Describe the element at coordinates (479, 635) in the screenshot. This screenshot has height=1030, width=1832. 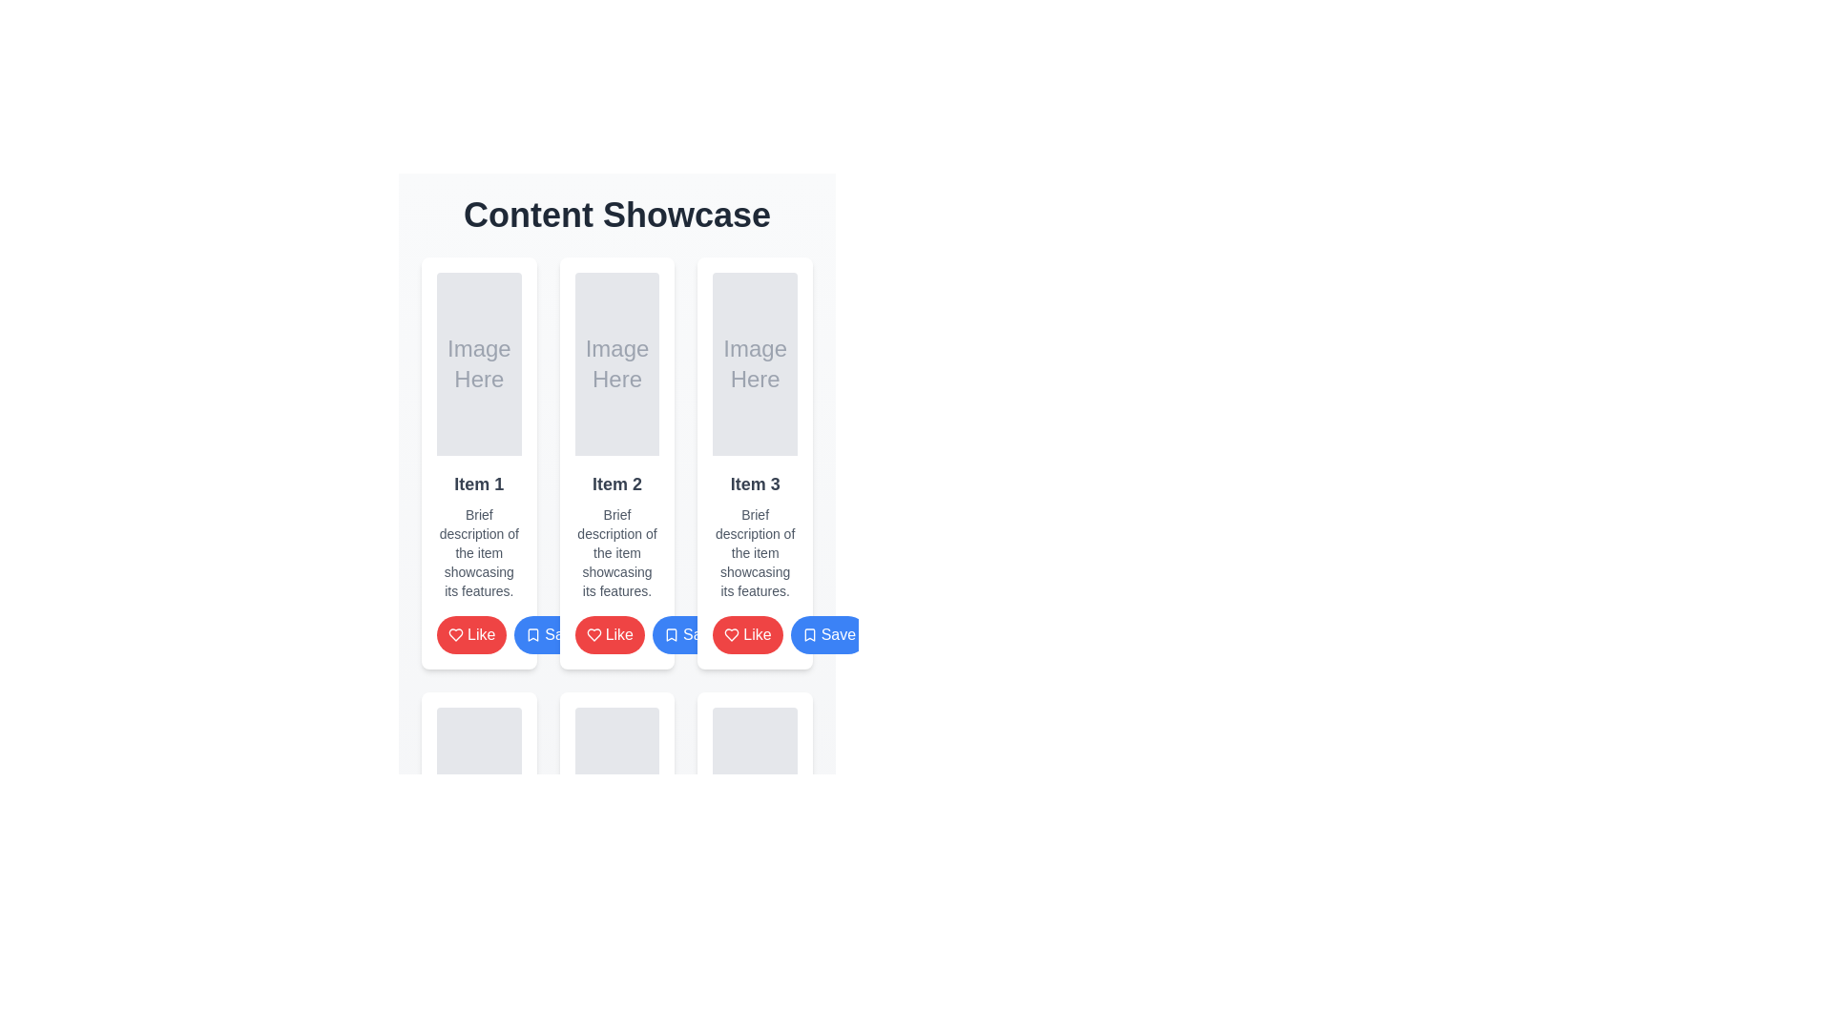
I see `the like button located in the bottom section of the first card, to the left of the 'Save' button, to register a like` at that location.